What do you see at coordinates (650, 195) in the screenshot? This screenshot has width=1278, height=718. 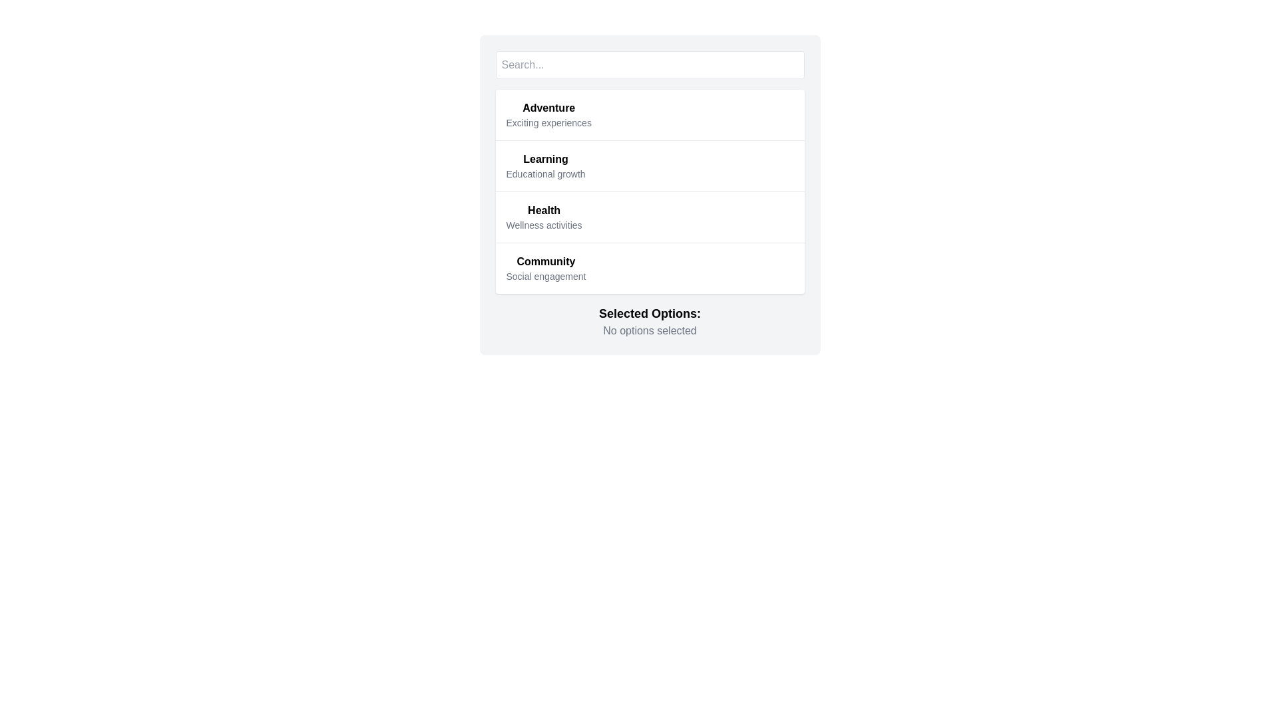 I see `the 'Health' option card, which is the third selectable option in a vertical list, located between 'Learning' and 'Community'` at bounding box center [650, 195].